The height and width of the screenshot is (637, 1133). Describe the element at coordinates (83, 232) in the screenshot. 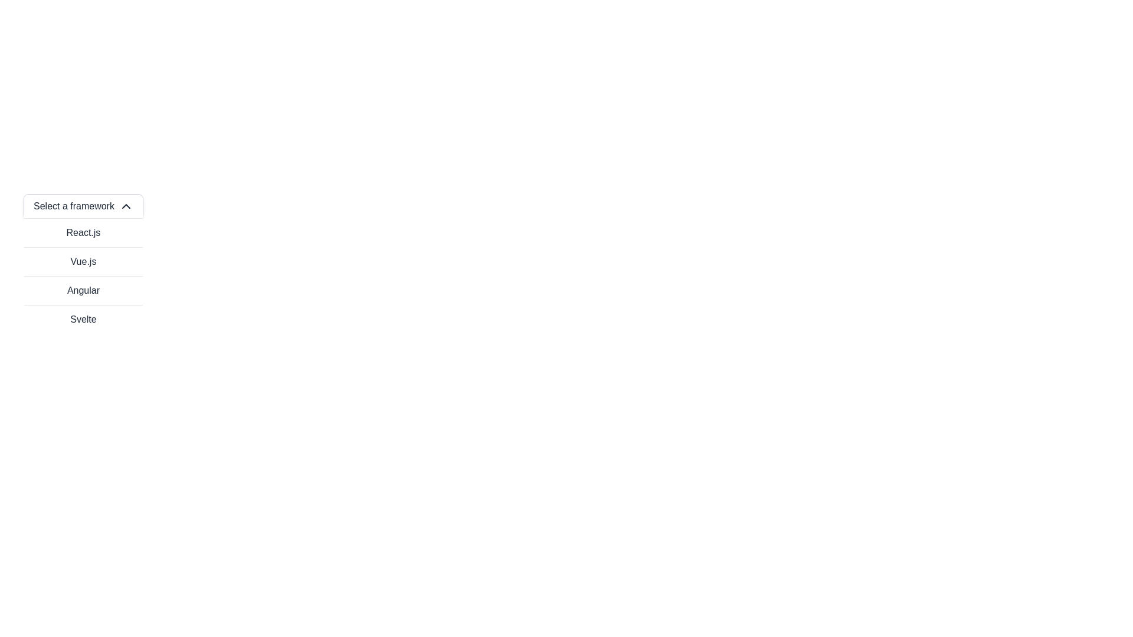

I see `the text label 'React.js' in the dropdown list` at that location.